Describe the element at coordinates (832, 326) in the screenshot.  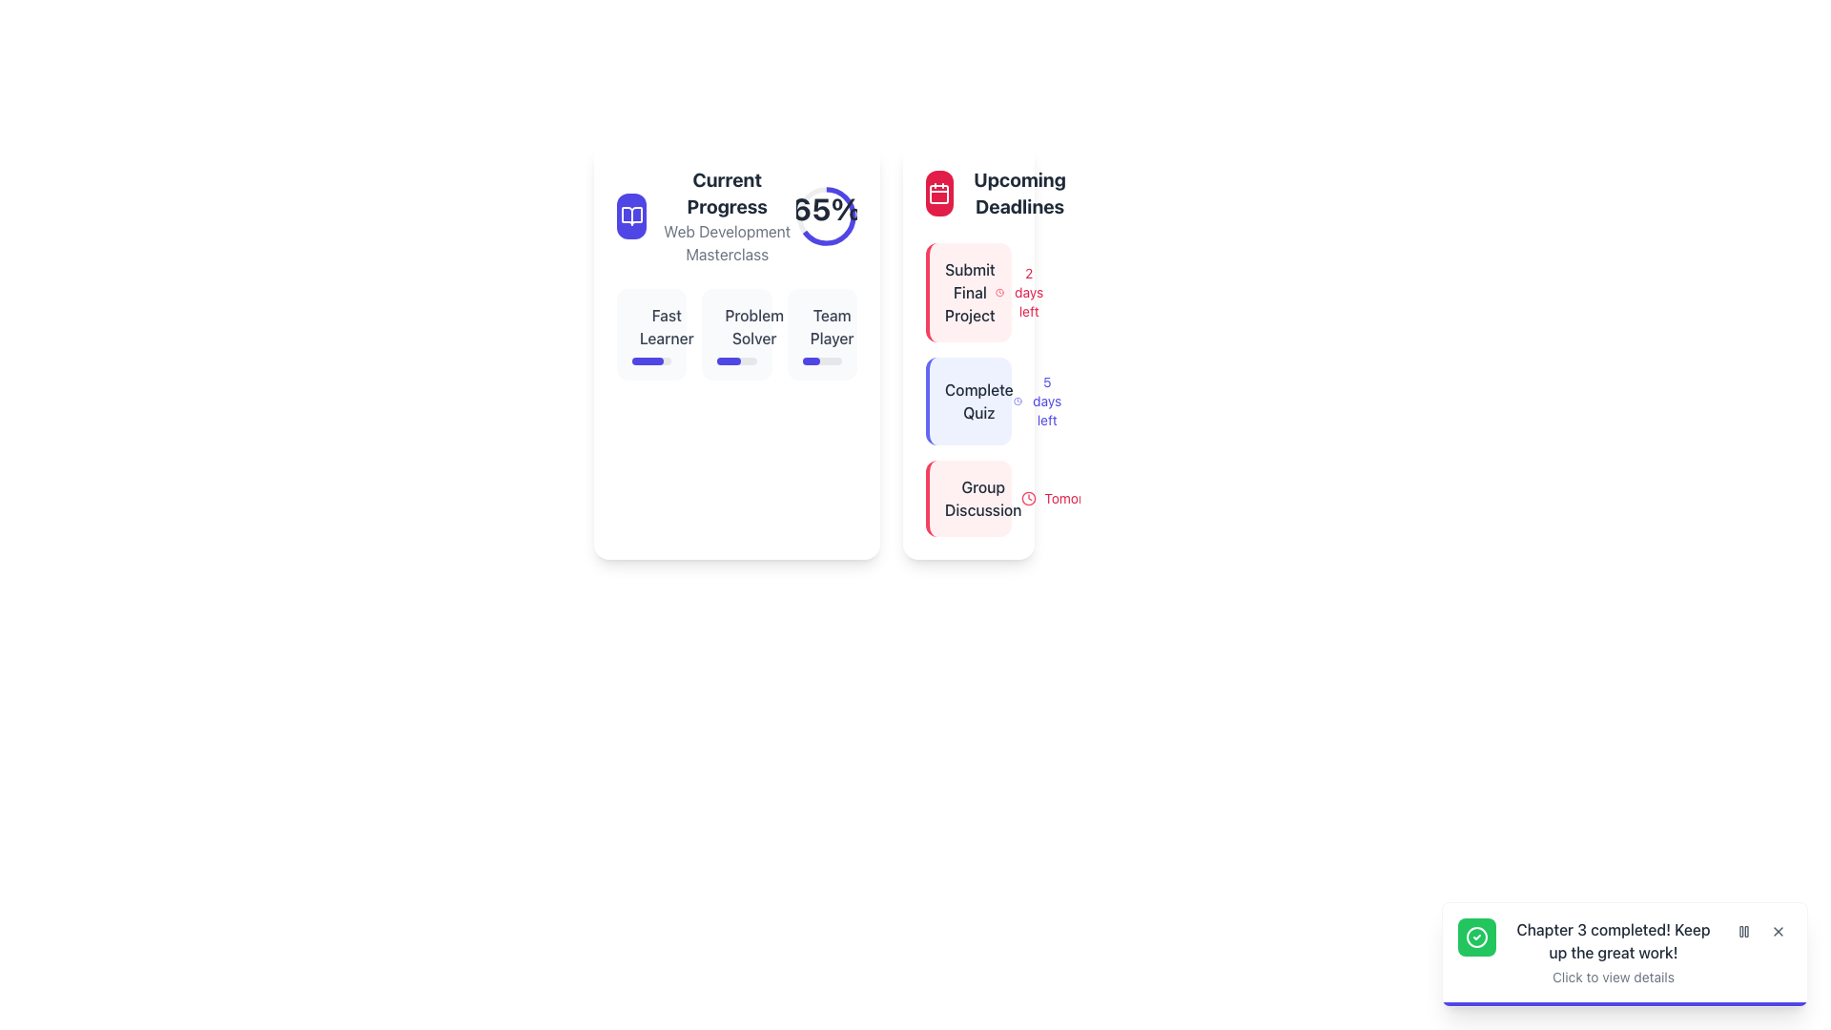
I see `the static text label indicating 'Team Player', which is the third component in the 'Current Progress' segment` at that location.